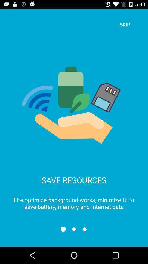 The image size is (148, 264). I want to click on about app last page, so click(85, 229).